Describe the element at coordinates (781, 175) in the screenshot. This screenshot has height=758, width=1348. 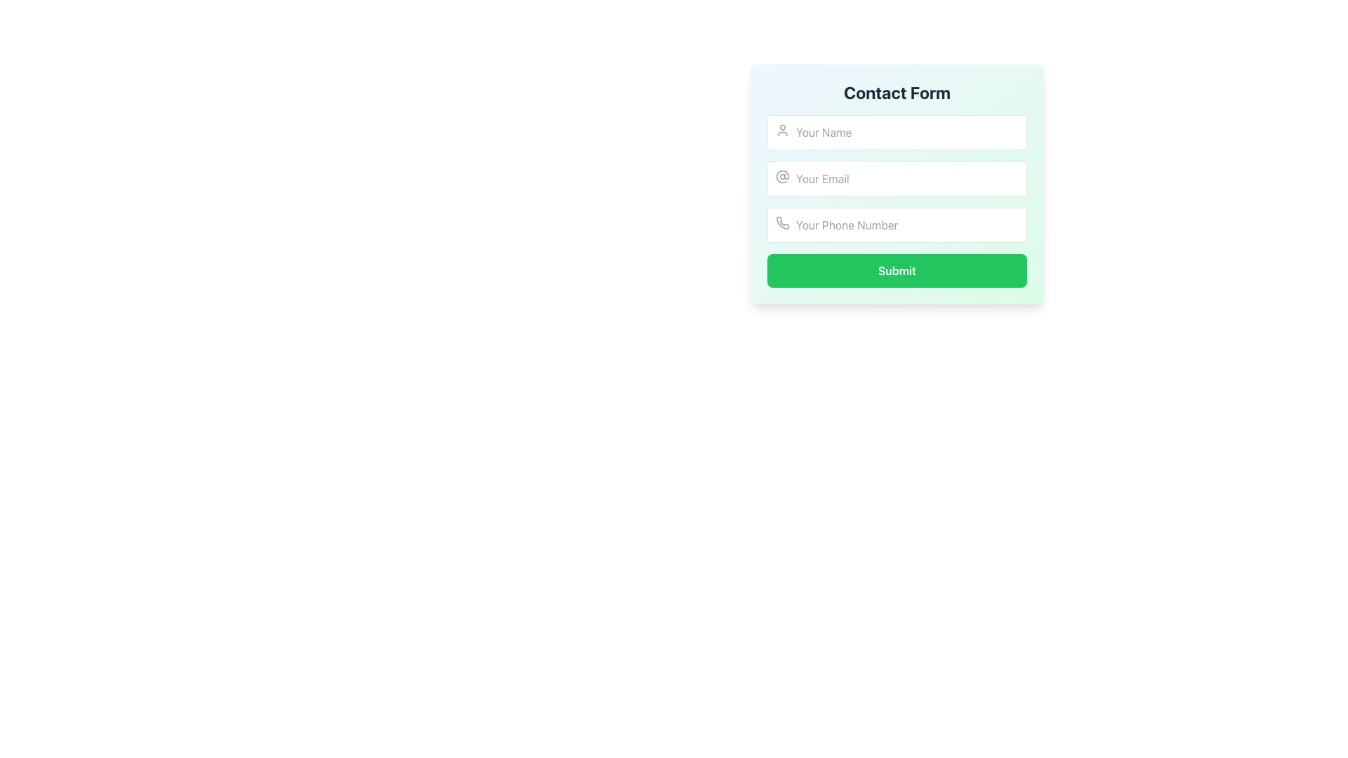
I see `the input field labeled 'Your Email' by clicking on the email icon located to the left inside the field in the 'Contact Form' section` at that location.